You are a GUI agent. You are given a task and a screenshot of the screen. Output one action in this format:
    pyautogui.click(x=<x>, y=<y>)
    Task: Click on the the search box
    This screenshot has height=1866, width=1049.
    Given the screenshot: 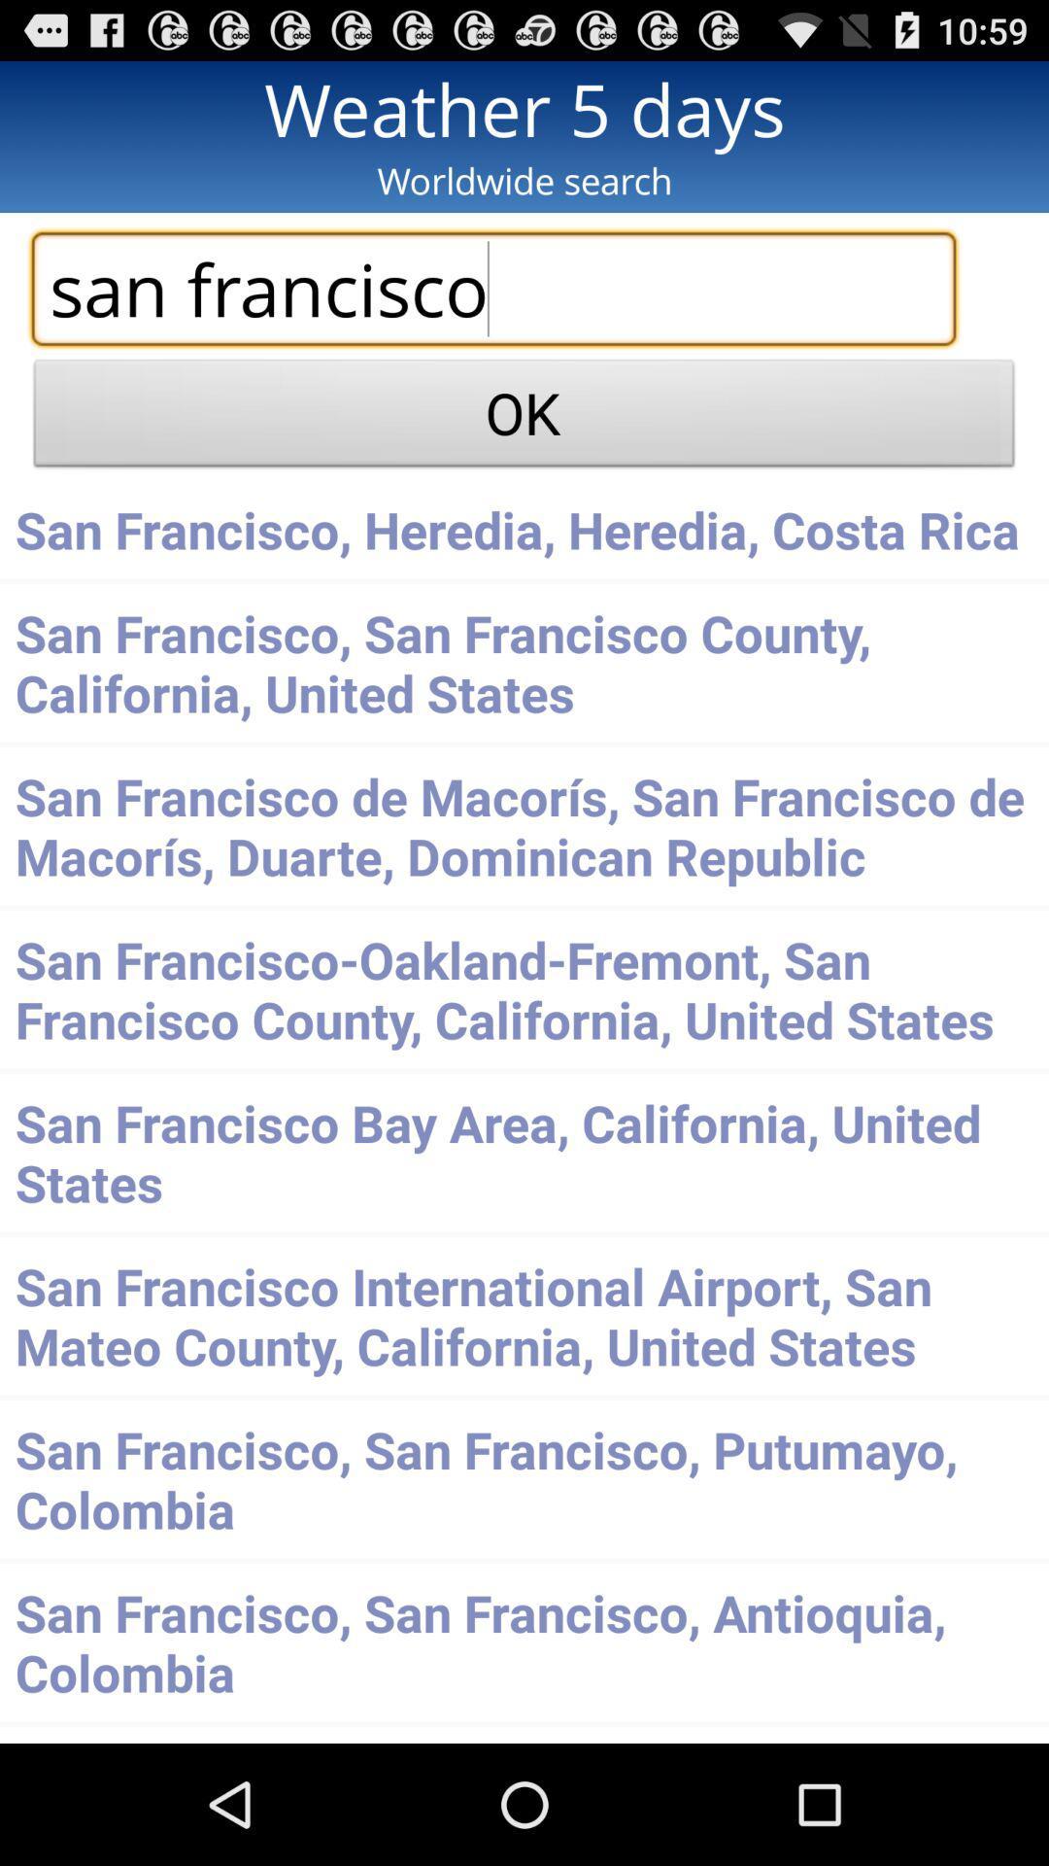 What is the action you would take?
    pyautogui.click(x=492, y=288)
    